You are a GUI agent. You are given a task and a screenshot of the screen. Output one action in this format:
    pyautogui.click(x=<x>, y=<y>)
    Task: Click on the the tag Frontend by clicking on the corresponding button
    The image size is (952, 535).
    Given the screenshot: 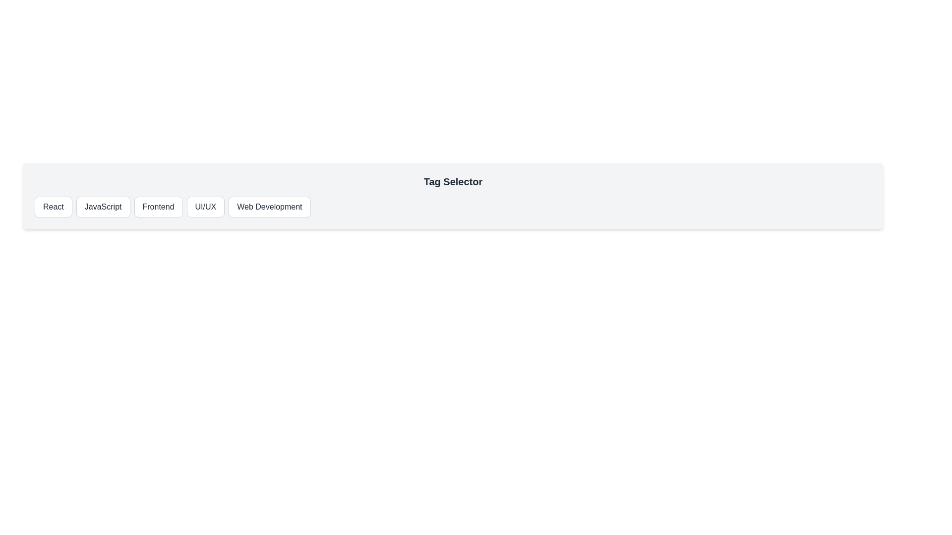 What is the action you would take?
    pyautogui.click(x=157, y=206)
    